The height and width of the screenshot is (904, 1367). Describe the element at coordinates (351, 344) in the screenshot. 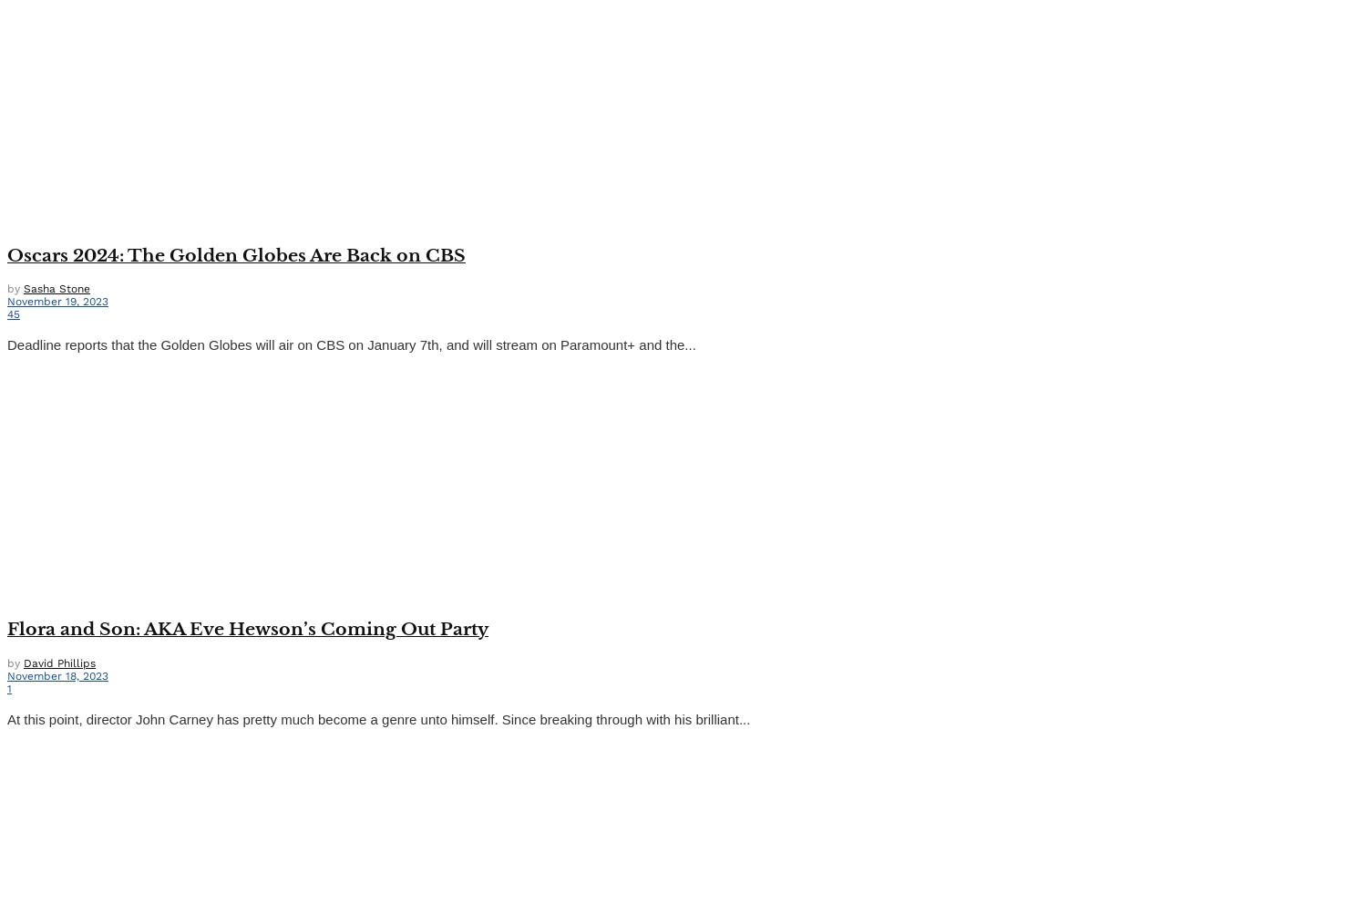

I see `'Deadline reports that the Golden Globes will air on CBS on January 7th, and will stream on Paramount+ and the...'` at that location.